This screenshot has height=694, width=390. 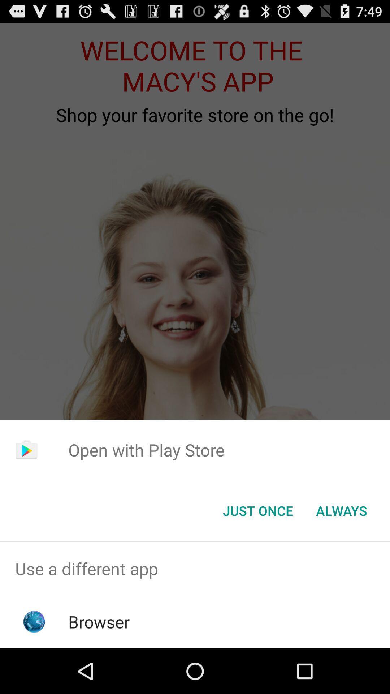 What do you see at coordinates (195, 568) in the screenshot?
I see `use a different app` at bounding box center [195, 568].